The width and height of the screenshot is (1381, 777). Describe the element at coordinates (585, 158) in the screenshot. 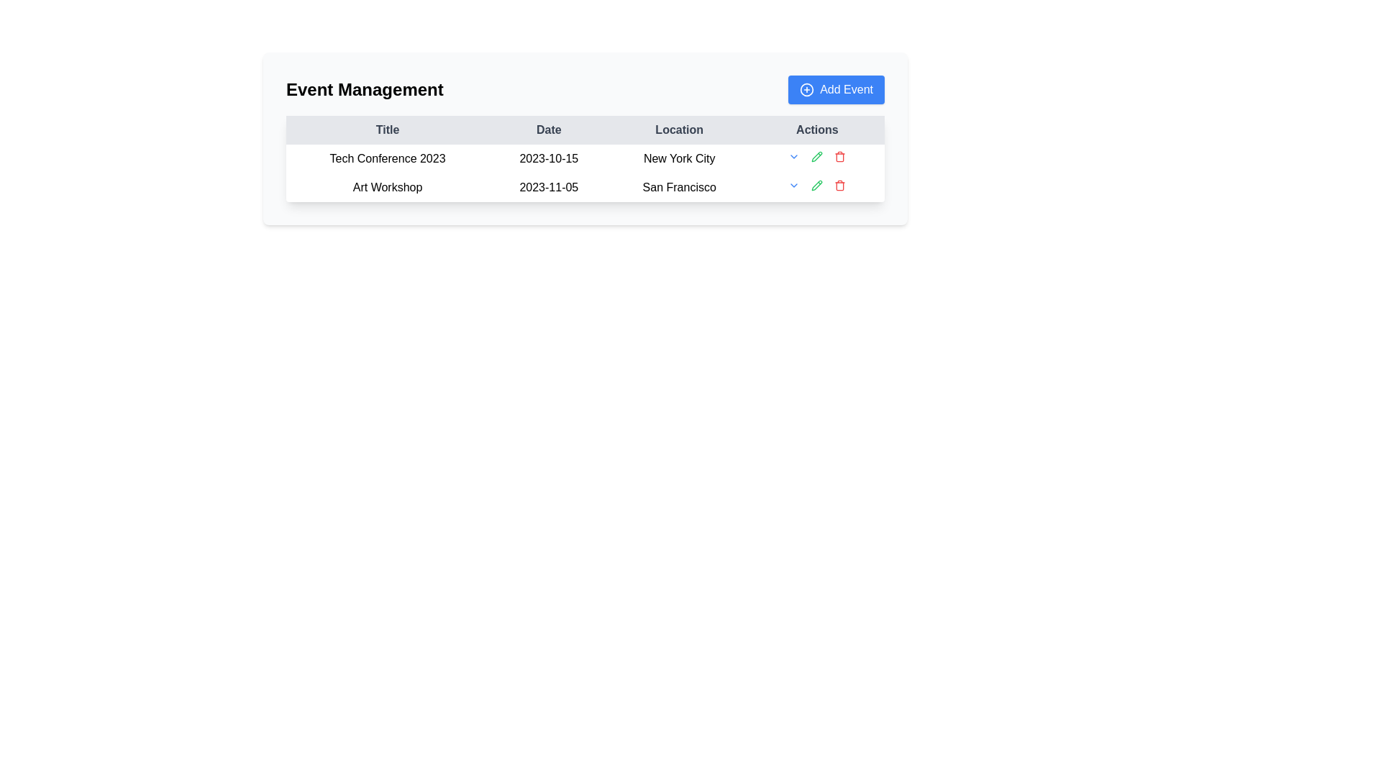

I see `the first row of the 'Event Management' table representing the event 'Tech Conference 2023'` at that location.